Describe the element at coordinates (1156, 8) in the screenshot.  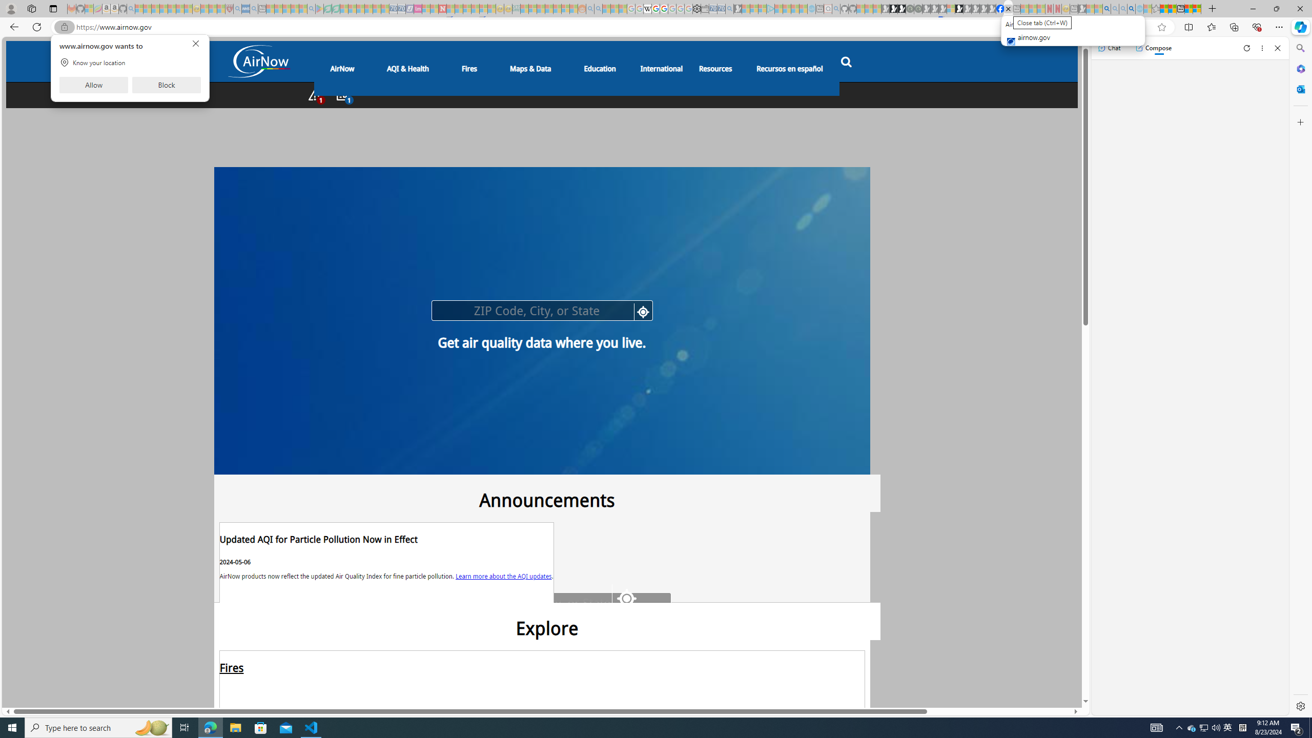
I see `'Favorites - Sleeping'` at that location.